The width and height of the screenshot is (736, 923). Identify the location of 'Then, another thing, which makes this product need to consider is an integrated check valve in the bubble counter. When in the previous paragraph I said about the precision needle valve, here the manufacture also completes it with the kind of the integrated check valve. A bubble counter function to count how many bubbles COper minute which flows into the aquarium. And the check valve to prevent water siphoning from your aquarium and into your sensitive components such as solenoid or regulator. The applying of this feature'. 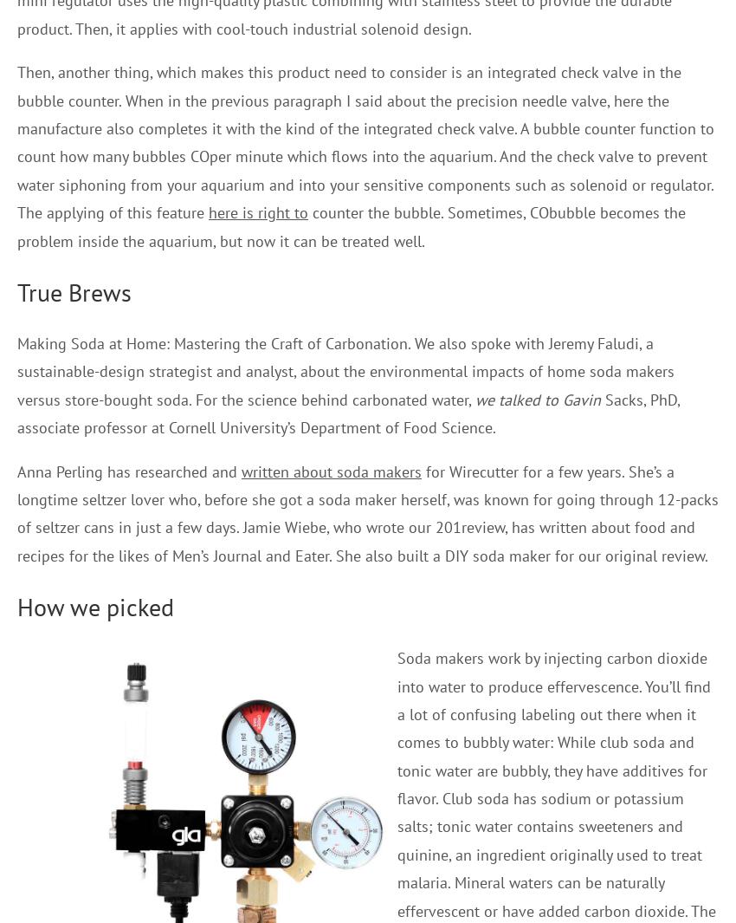
(365, 141).